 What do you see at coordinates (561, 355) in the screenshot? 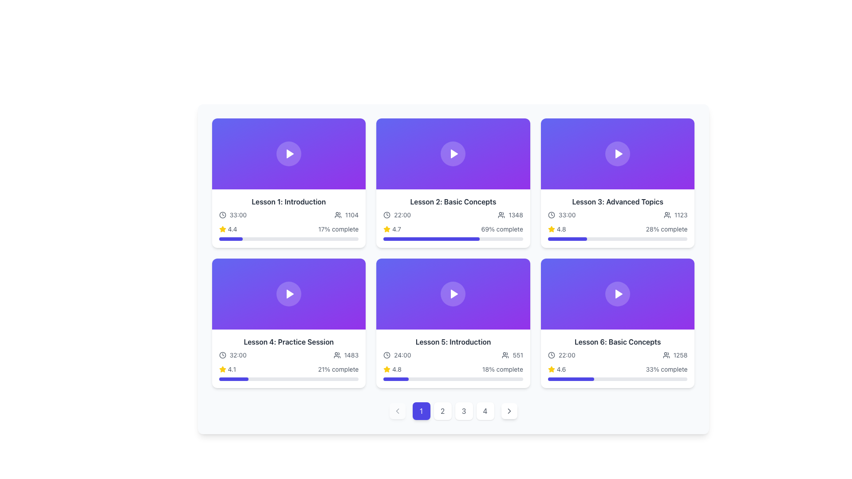
I see `the presence of the time text label reading '22:00' located in the 'Lesson 6: Basic Concepts' component, positioned at the bottom-left corner next to a clock icon` at bounding box center [561, 355].